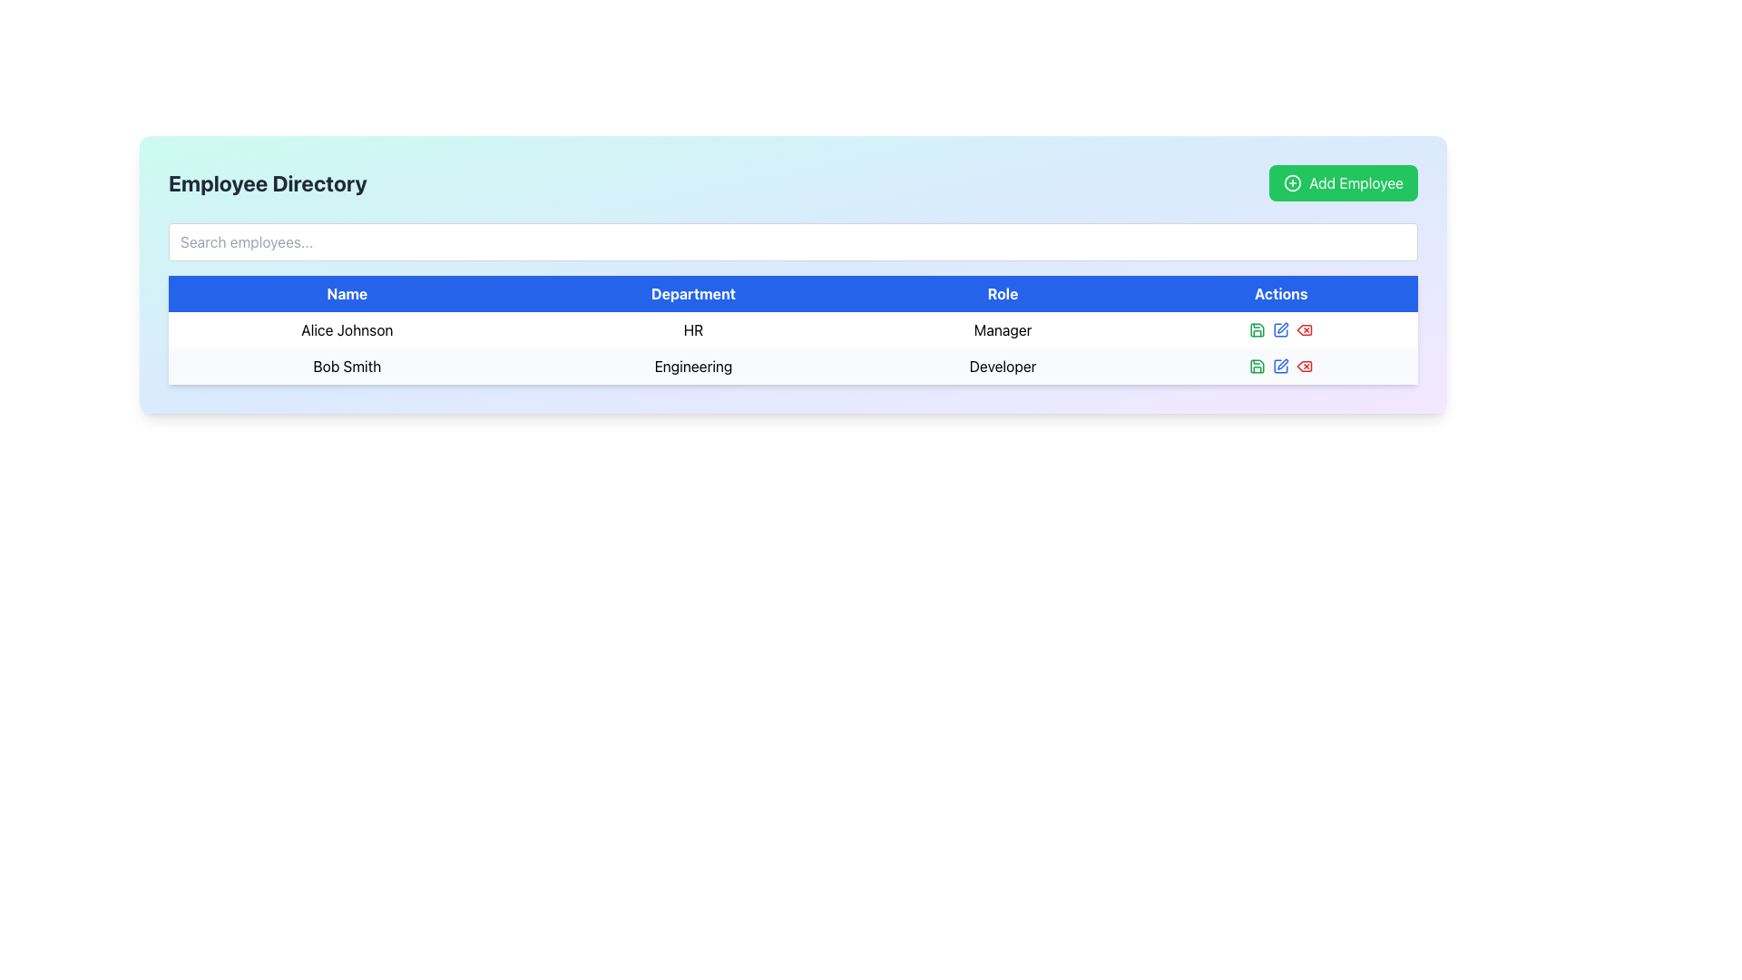 This screenshot has width=1742, height=980. Describe the element at coordinates (1002, 367) in the screenshot. I see `the static text label that reads 'Developer' located in the second row under the 'Role' column of the employee directory table` at that location.